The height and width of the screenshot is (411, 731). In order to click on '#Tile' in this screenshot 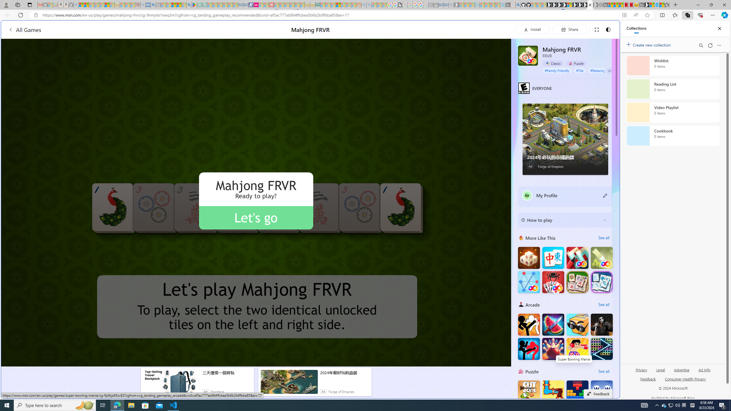, I will do `click(580, 70)`.